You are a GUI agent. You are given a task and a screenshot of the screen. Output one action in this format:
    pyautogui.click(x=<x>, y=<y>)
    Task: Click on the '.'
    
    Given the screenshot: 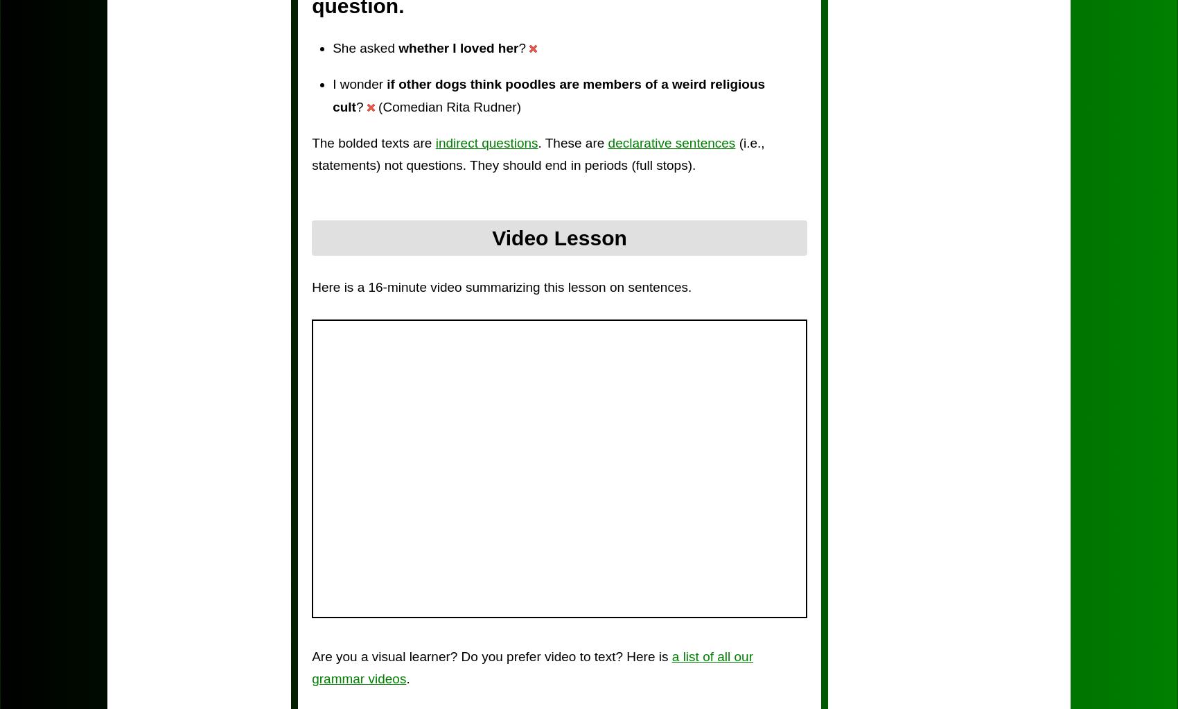 What is the action you would take?
    pyautogui.click(x=407, y=679)
    